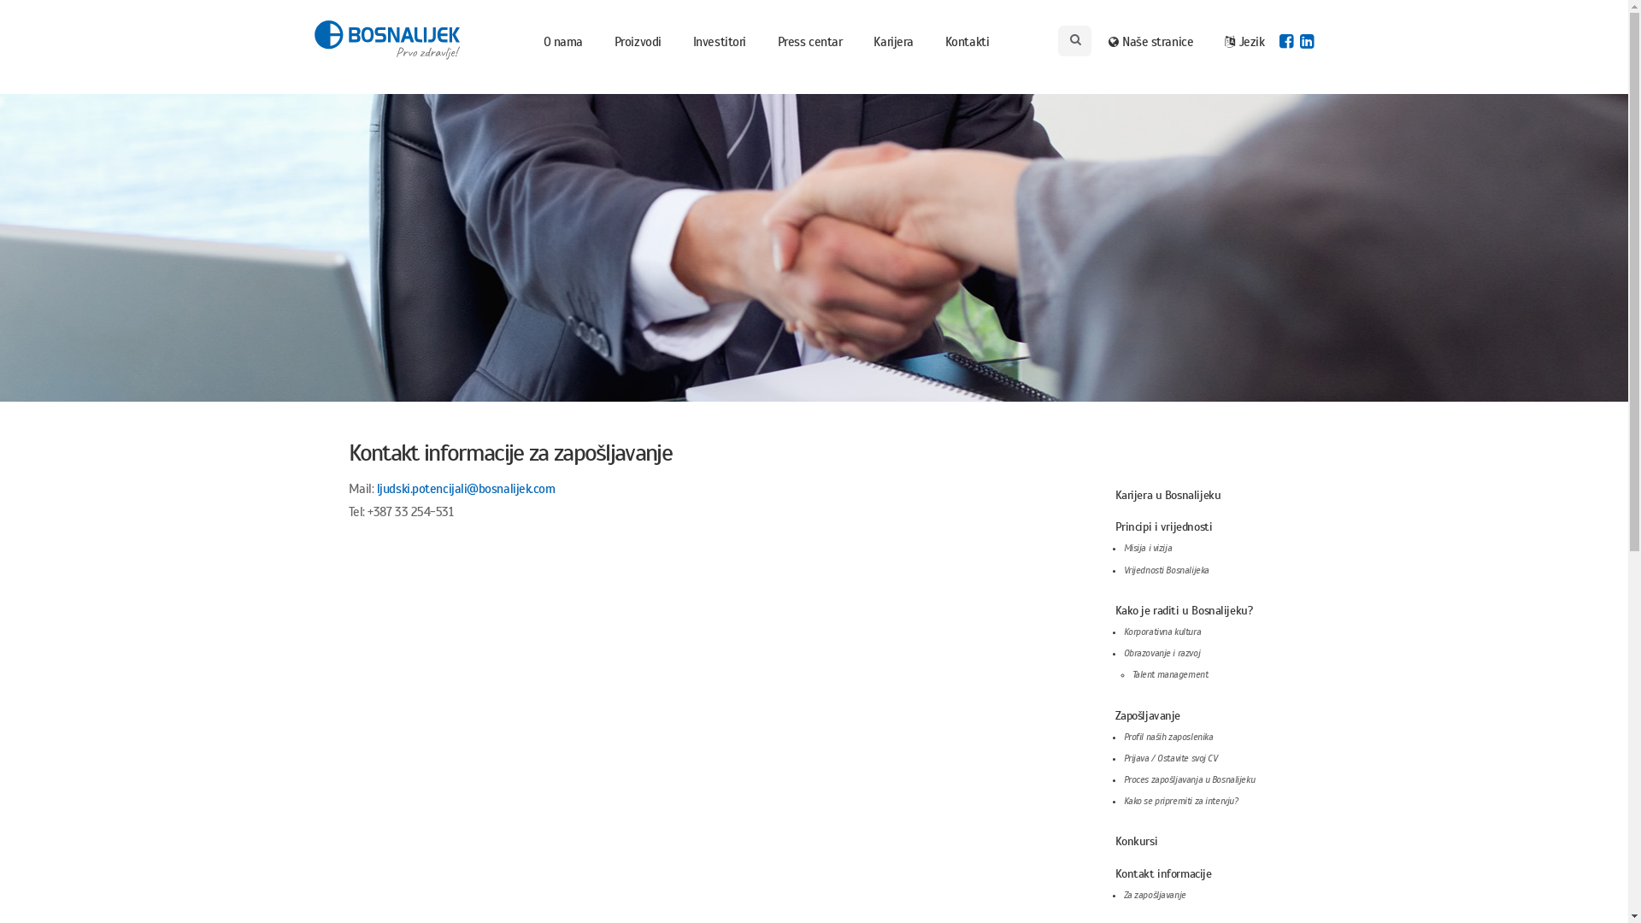  Describe the element at coordinates (719, 41) in the screenshot. I see `'Investitori'` at that location.